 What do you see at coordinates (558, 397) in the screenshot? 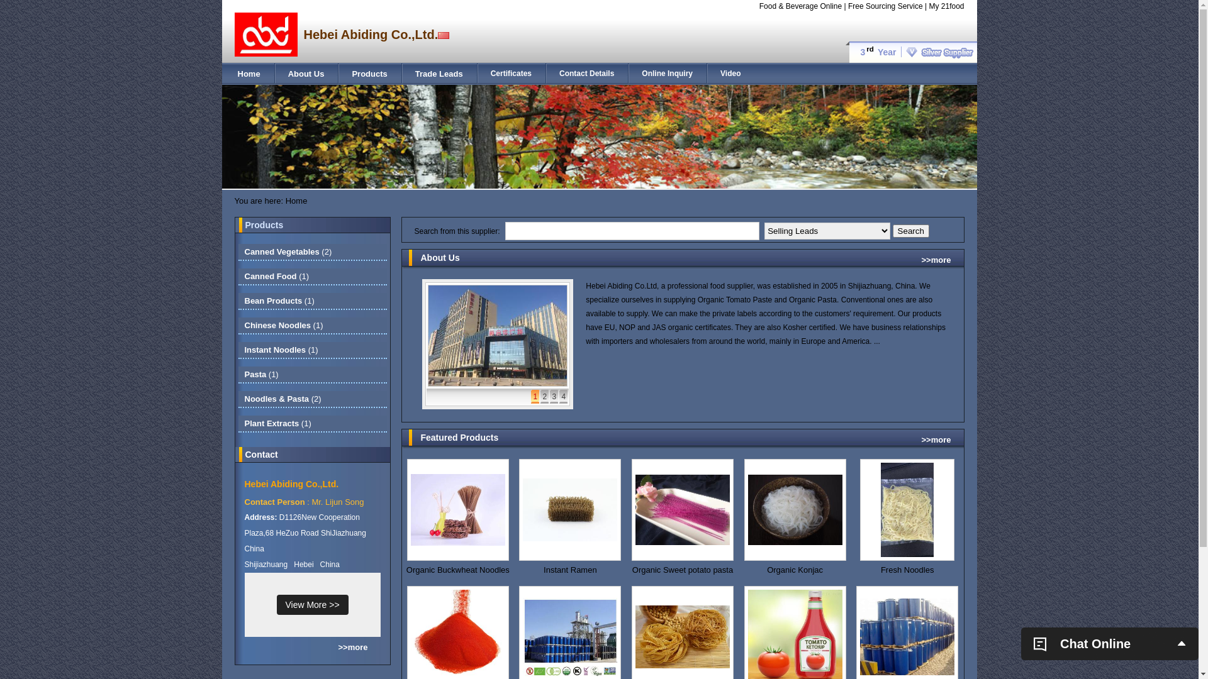
I see `'4'` at bounding box center [558, 397].